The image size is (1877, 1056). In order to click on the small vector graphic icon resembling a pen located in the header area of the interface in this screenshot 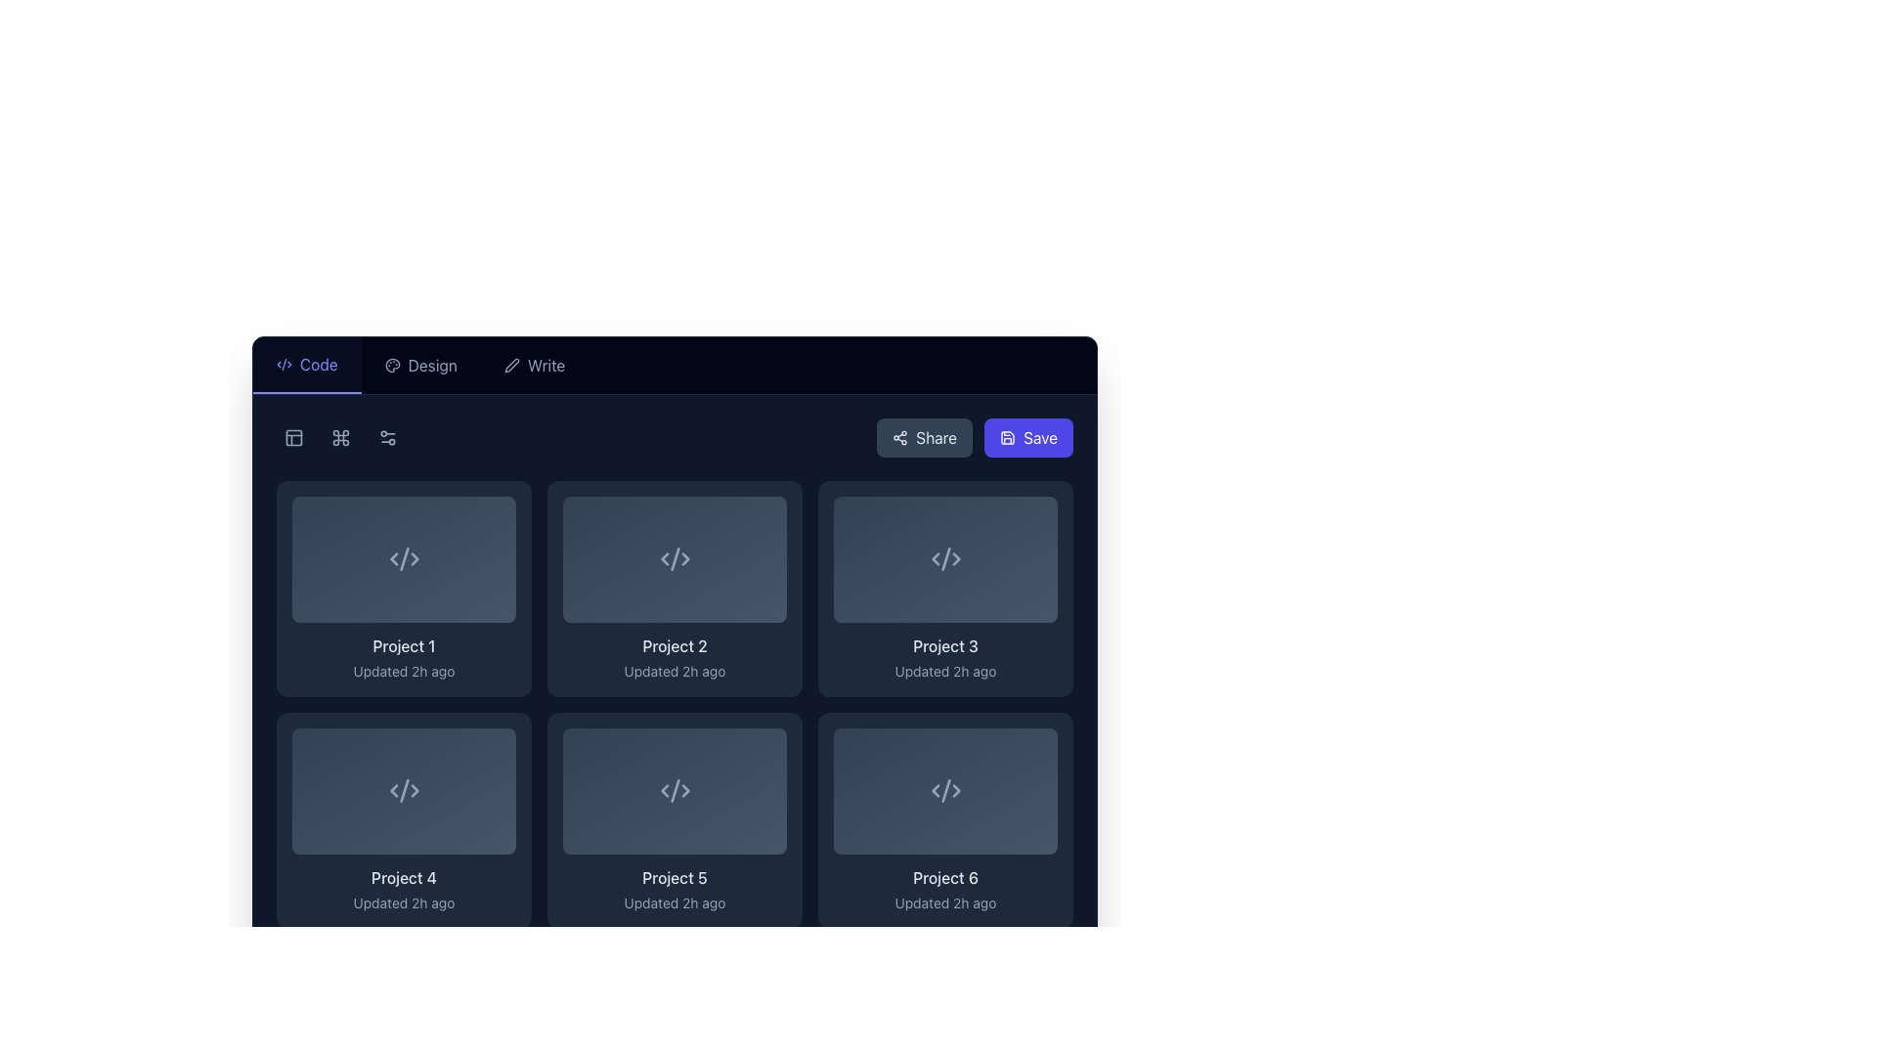, I will do `click(511, 366)`.